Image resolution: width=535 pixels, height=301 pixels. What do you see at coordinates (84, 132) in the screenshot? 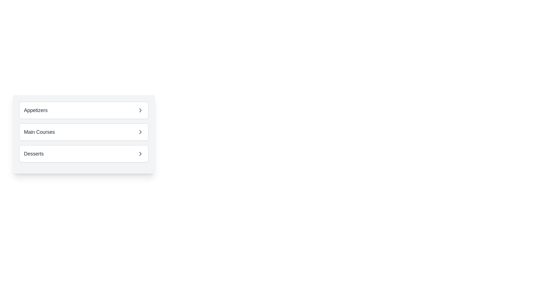
I see `the 'Main Courses' button, which is the second item in a vertical list of categories` at bounding box center [84, 132].